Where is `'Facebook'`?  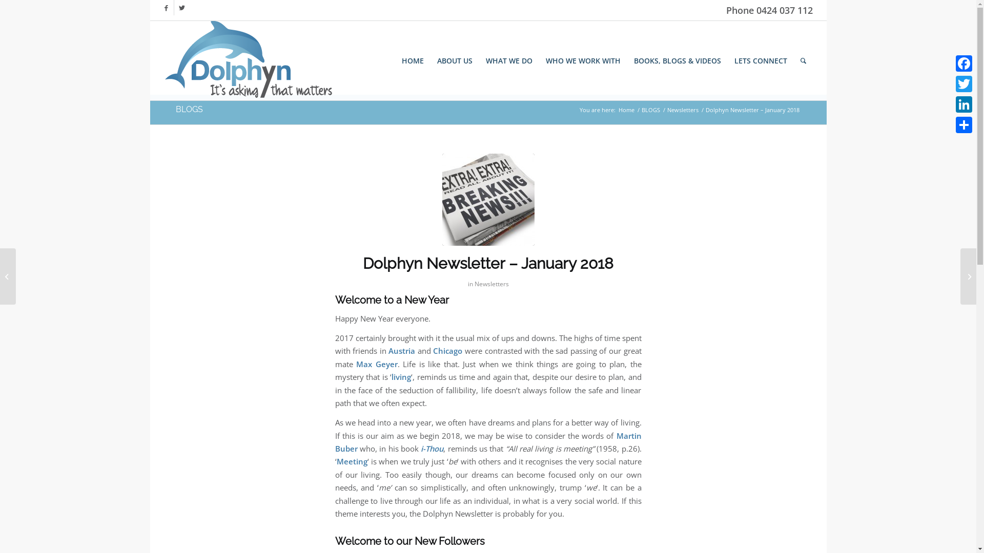 'Facebook' is located at coordinates (166, 8).